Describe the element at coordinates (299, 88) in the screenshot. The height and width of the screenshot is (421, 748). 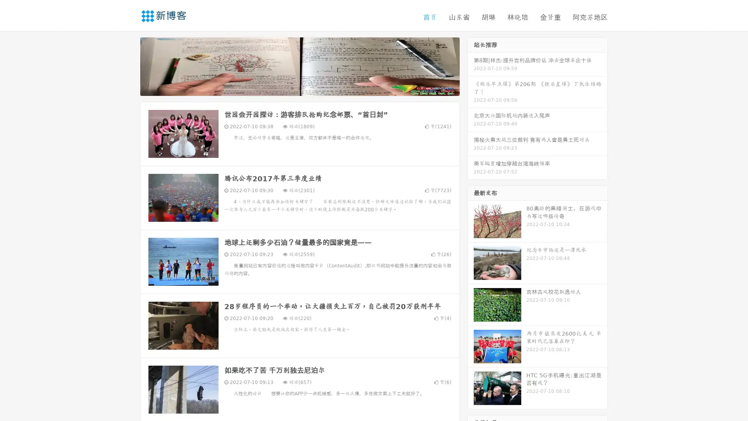
I see `Go to slide 2` at that location.